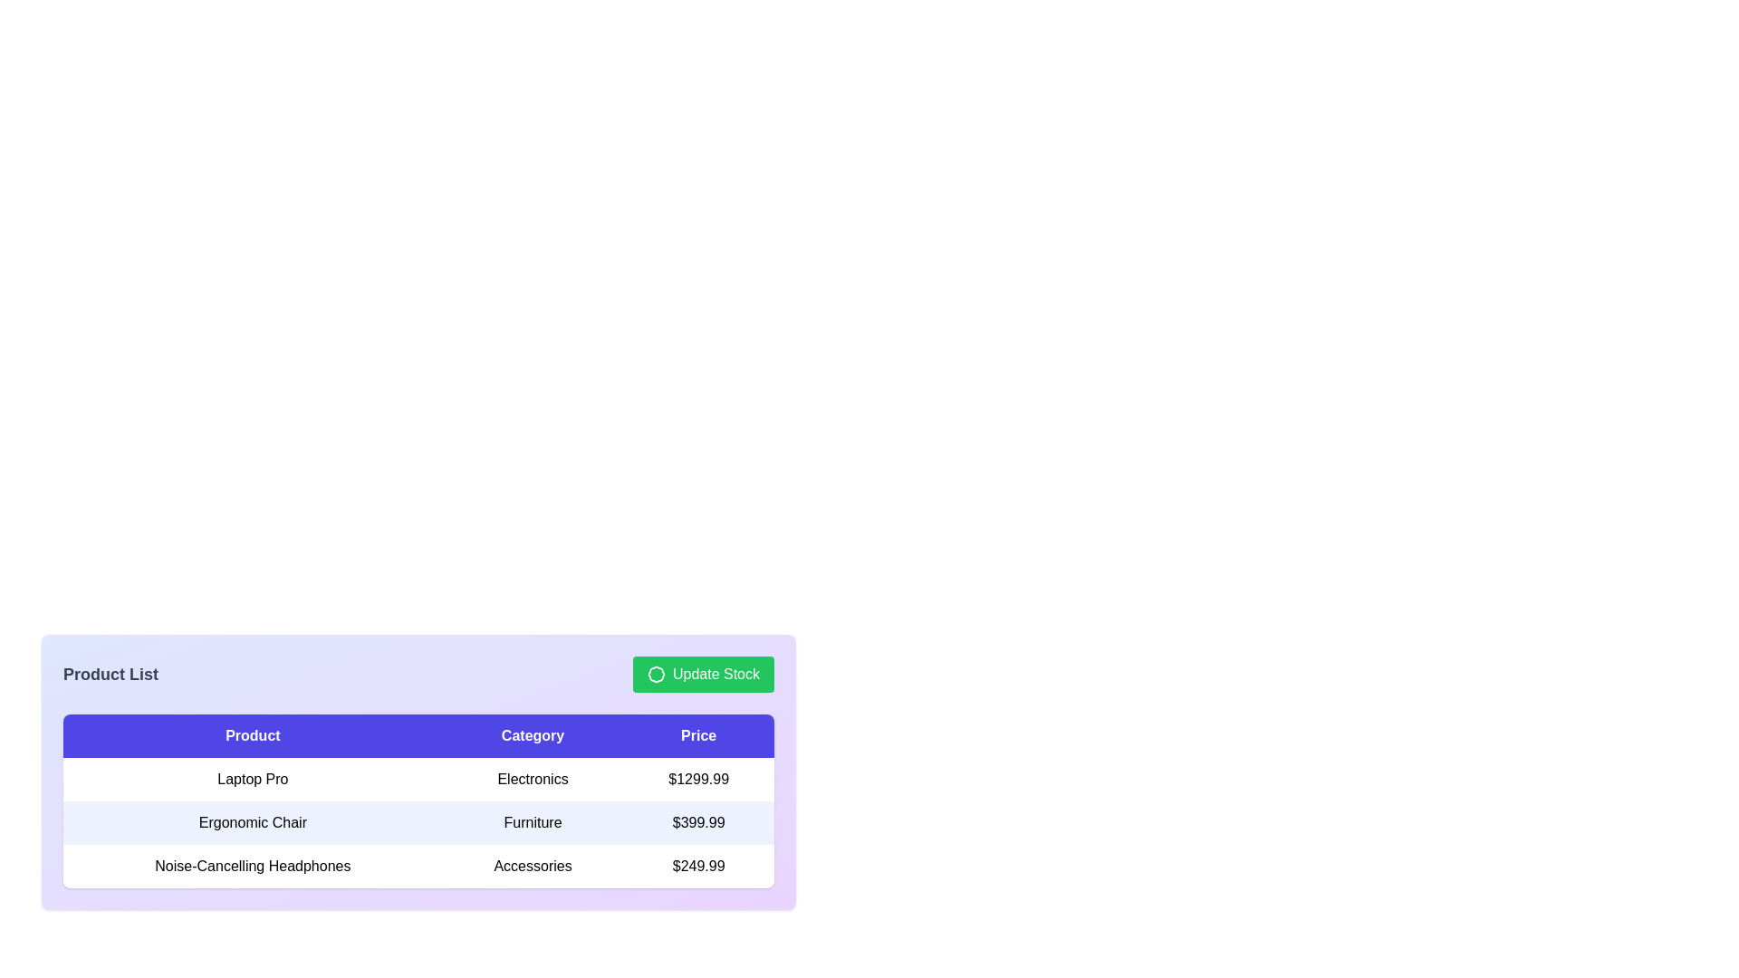 The width and height of the screenshot is (1739, 978). What do you see at coordinates (252, 865) in the screenshot?
I see `the text label that indicates the product name in the first cell of the last row of the table, which is the third row, under the 'Product' column` at bounding box center [252, 865].